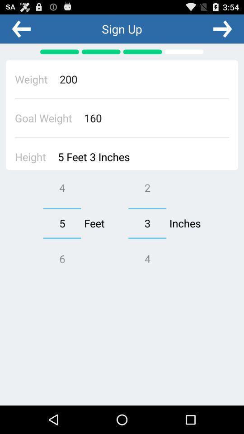 The image size is (244, 434). What do you see at coordinates (21, 31) in the screenshot?
I see `the arrow_backward icon` at bounding box center [21, 31].